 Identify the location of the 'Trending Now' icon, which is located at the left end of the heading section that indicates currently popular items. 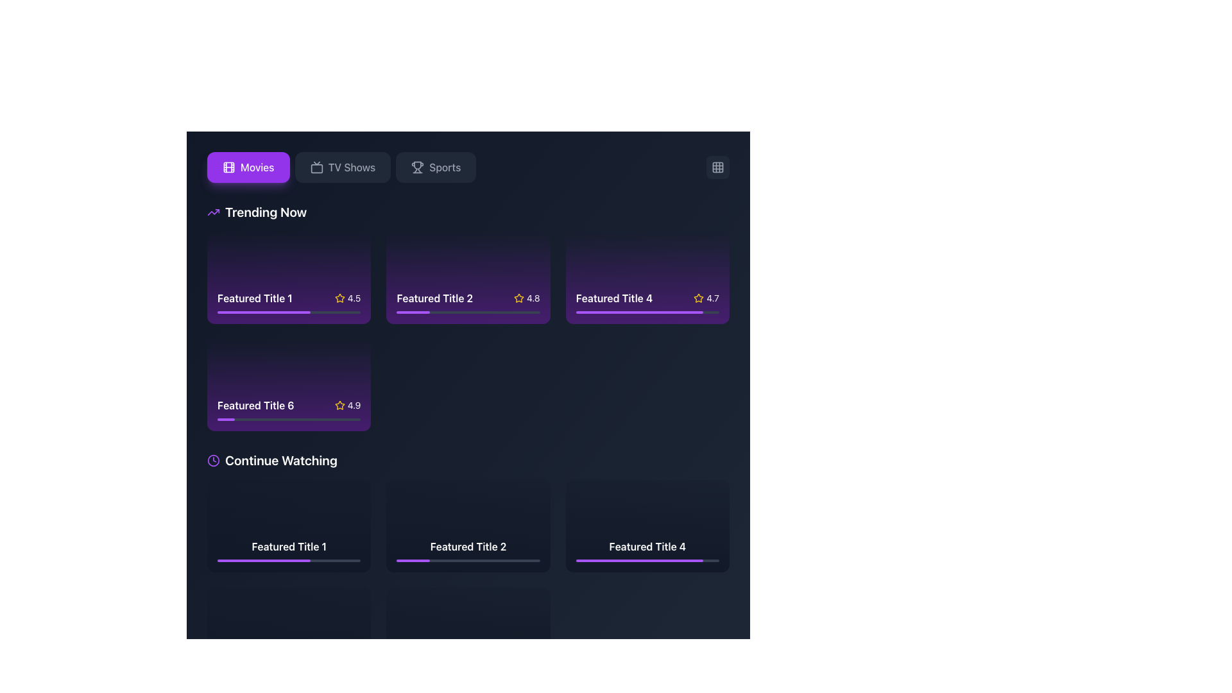
(213, 212).